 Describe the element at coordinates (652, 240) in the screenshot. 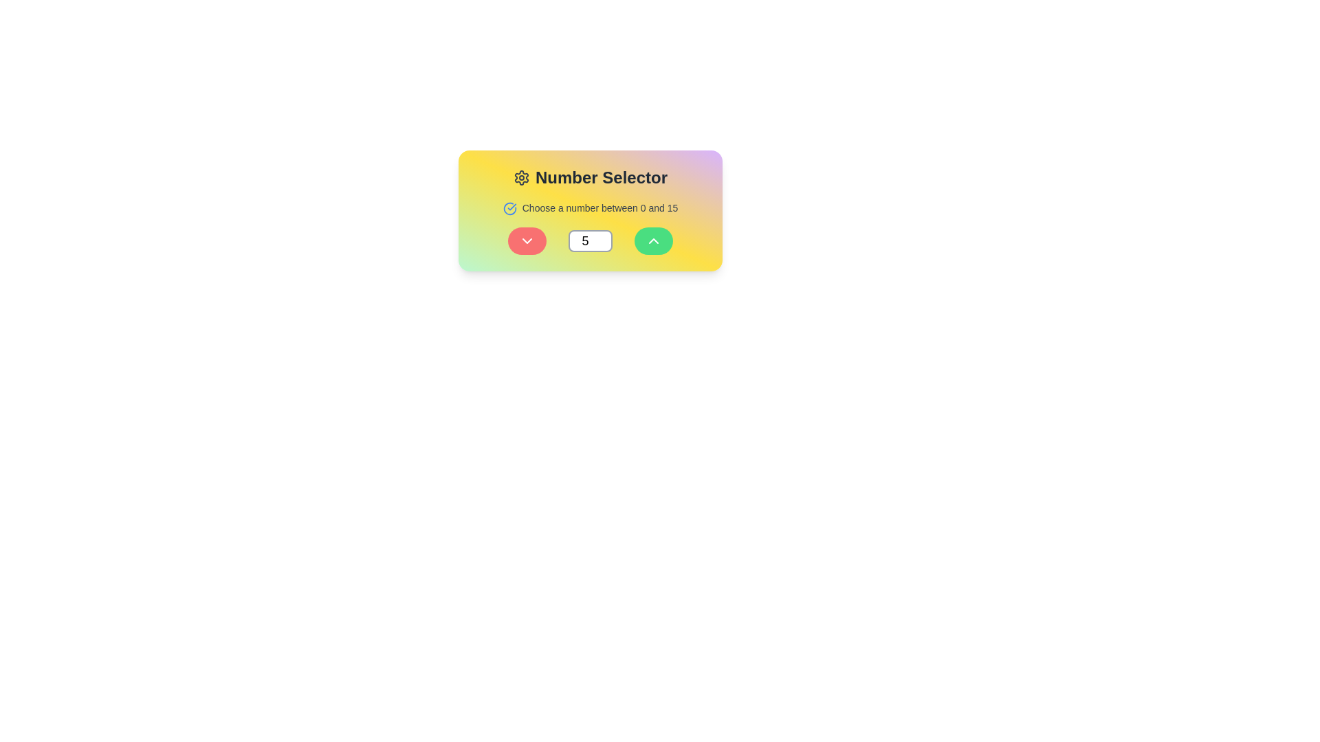

I see `the green circular icon button located to the right of the number input field labeled '5'` at that location.